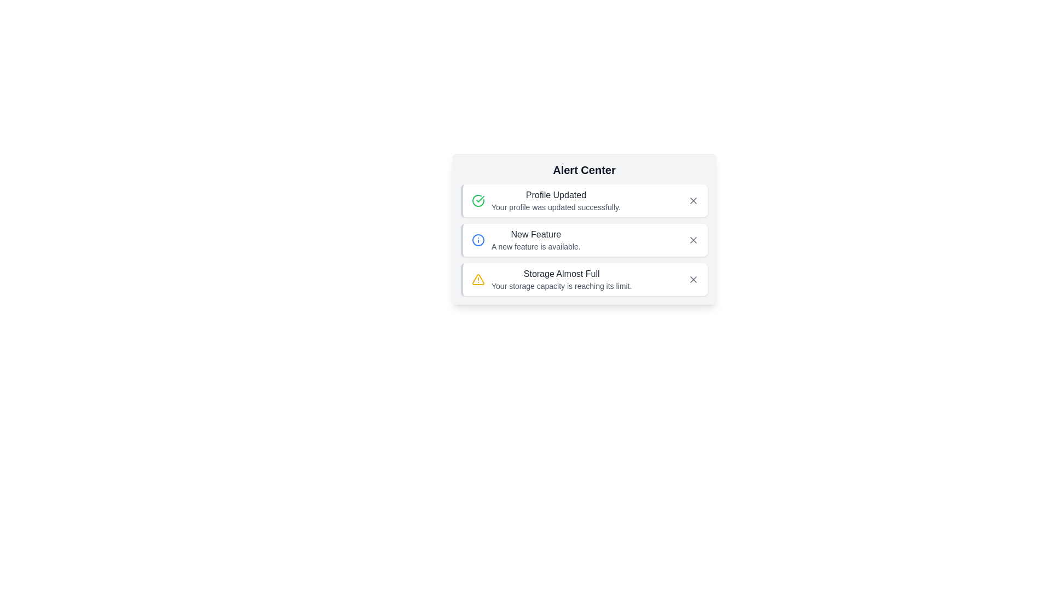 This screenshot has width=1051, height=591. I want to click on the stroke-based 'X' close icon in the top right corner of the 'New Feature' notification, so click(693, 240).